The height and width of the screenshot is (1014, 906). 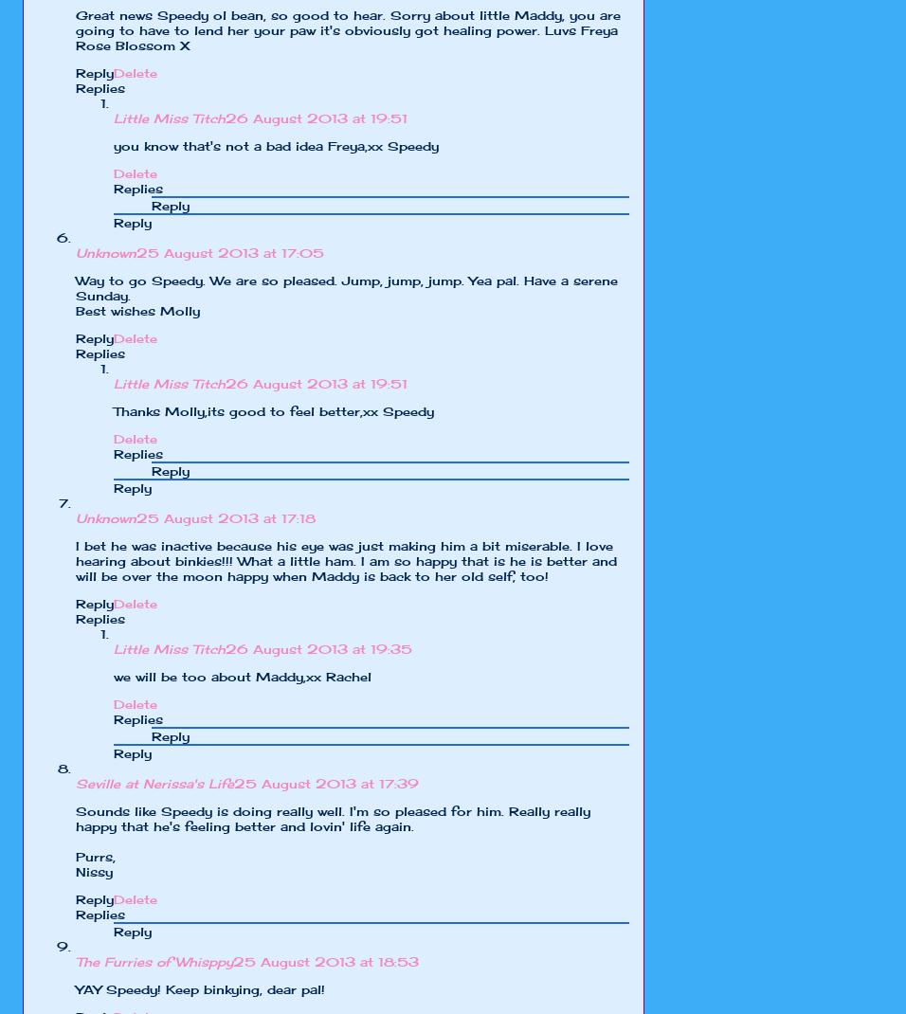 What do you see at coordinates (75, 784) in the screenshot?
I see `'Seville at Nerissa's Life'` at bounding box center [75, 784].